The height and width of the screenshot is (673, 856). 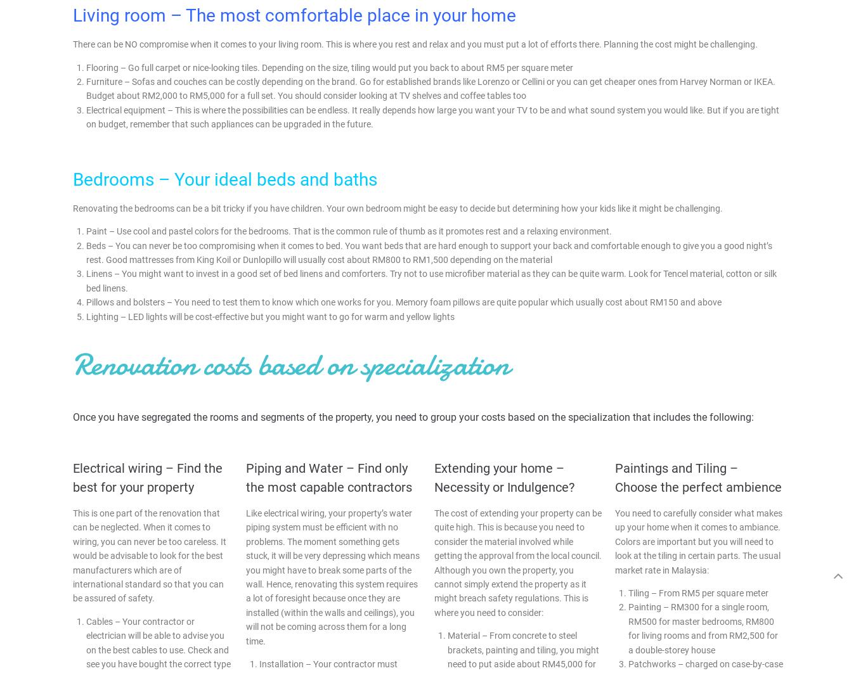 I want to click on 'Flooring – Go full carpet or nice-looking tiles. Depending on the size, tiling would put you back to about RM5 per square meter', so click(x=329, y=67).